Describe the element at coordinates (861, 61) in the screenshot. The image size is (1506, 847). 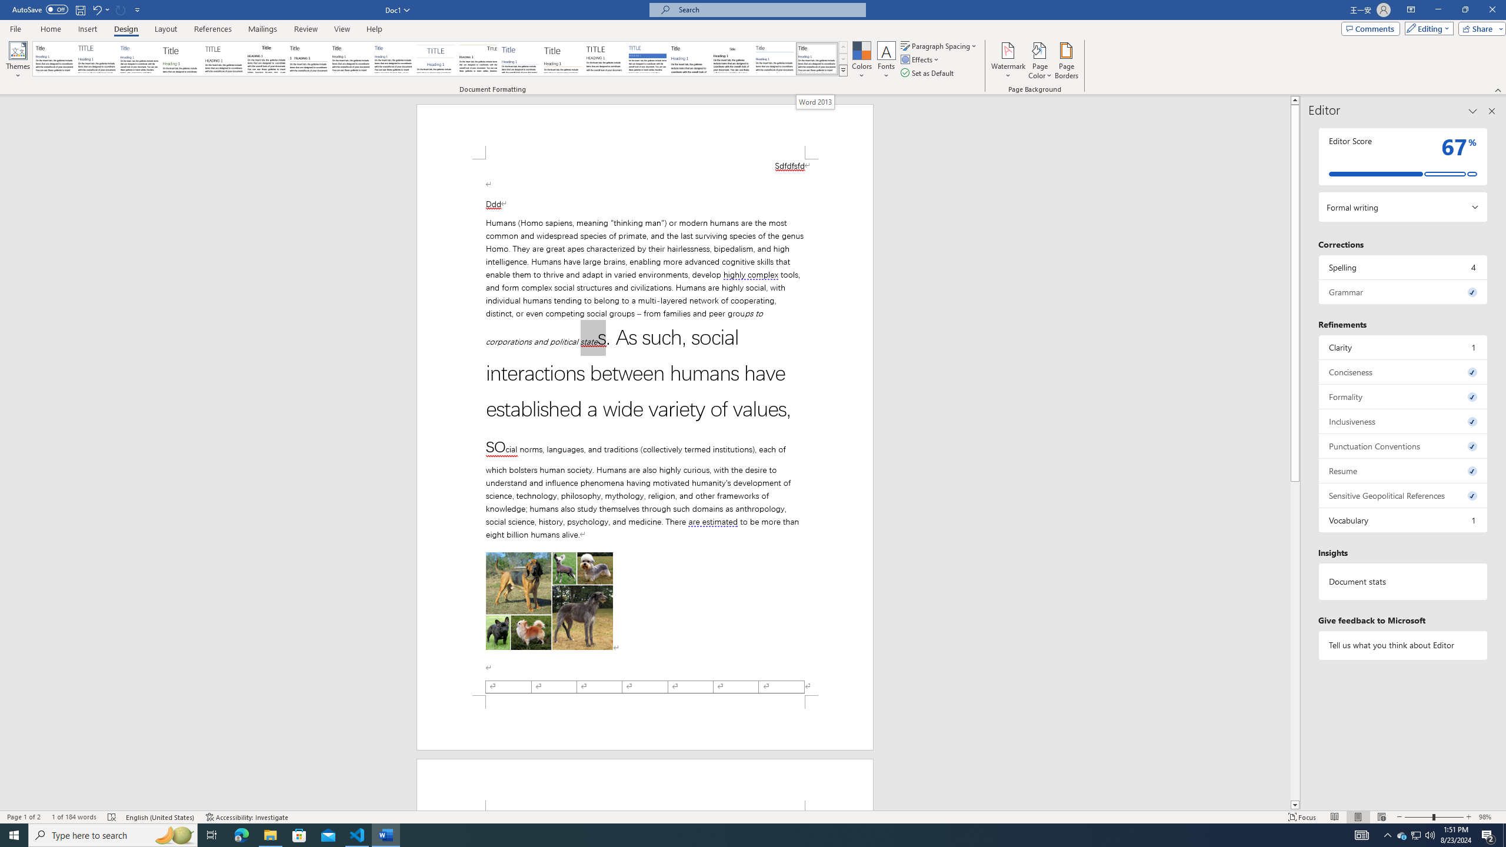
I see `'Colors'` at that location.